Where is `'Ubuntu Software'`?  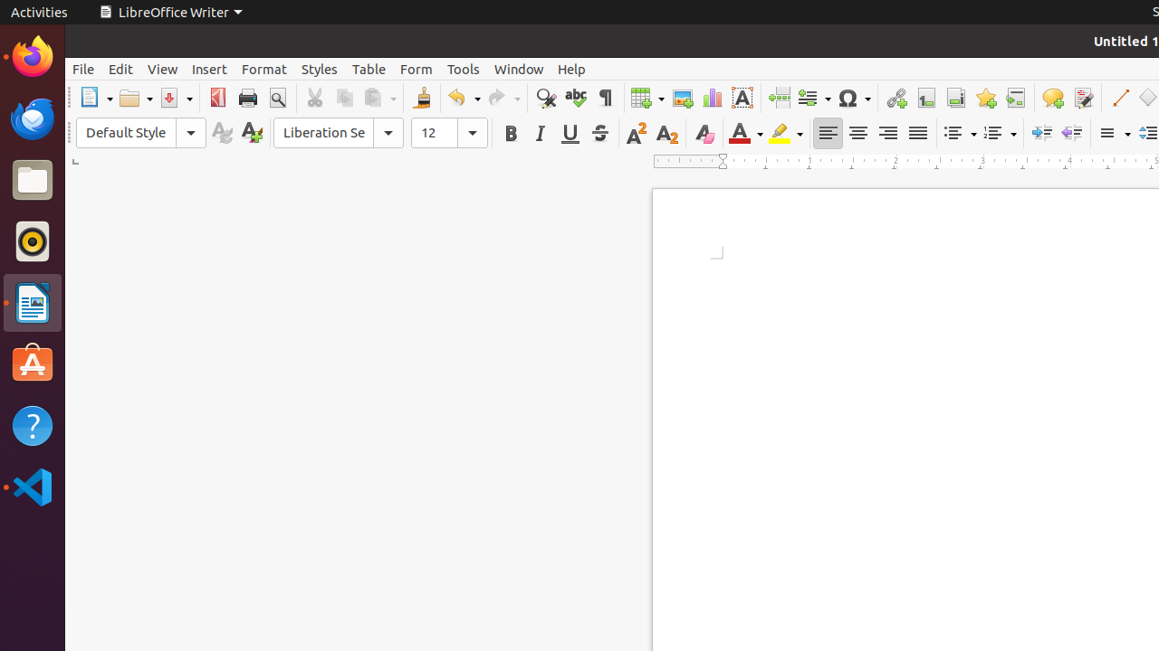
'Ubuntu Software' is located at coordinates (32, 364).